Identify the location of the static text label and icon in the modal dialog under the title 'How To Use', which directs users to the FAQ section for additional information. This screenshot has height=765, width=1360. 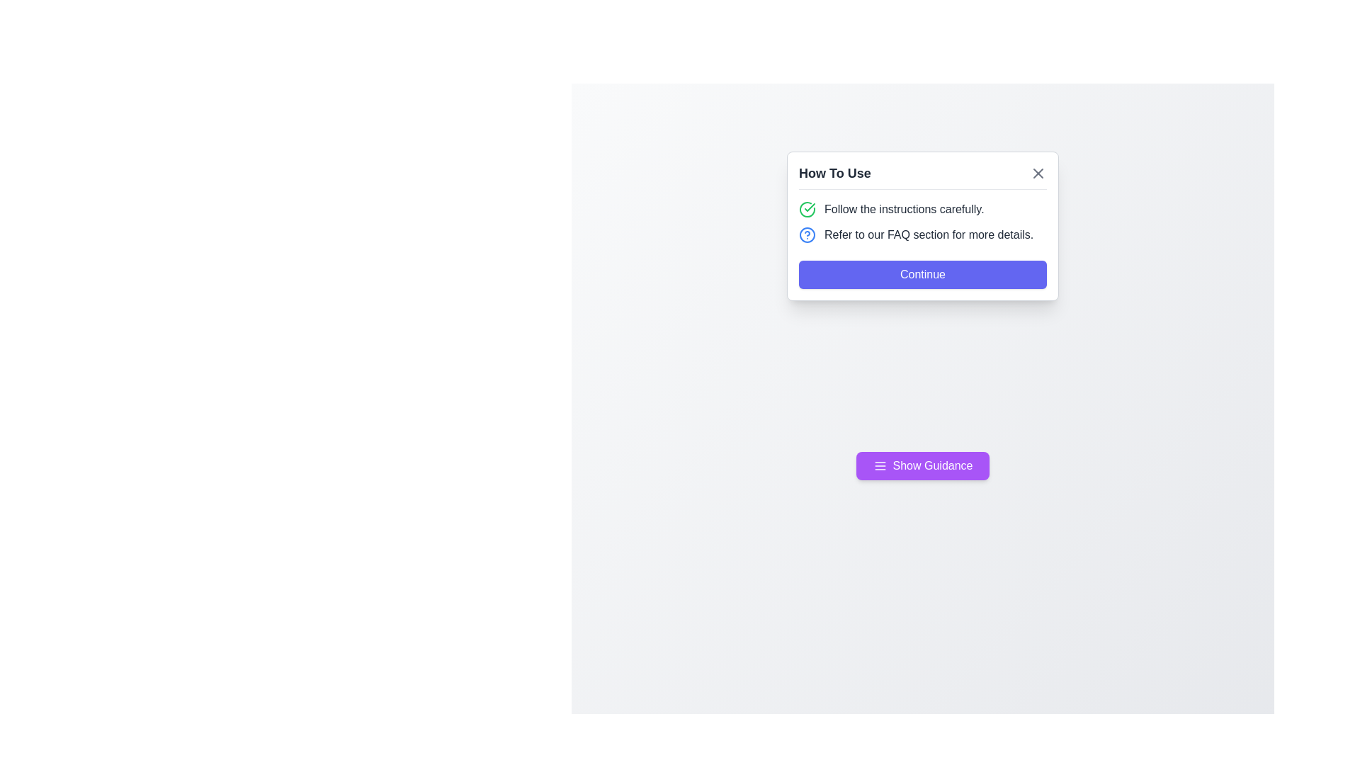
(922, 234).